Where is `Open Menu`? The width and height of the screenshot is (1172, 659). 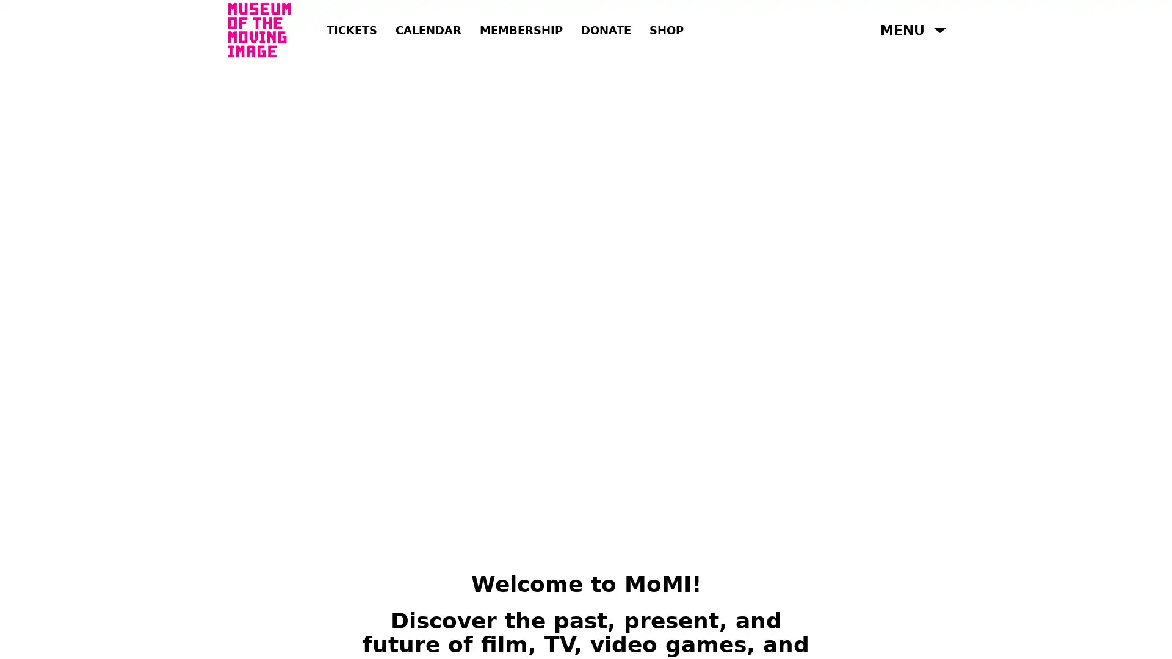 Open Menu is located at coordinates (908, 29).